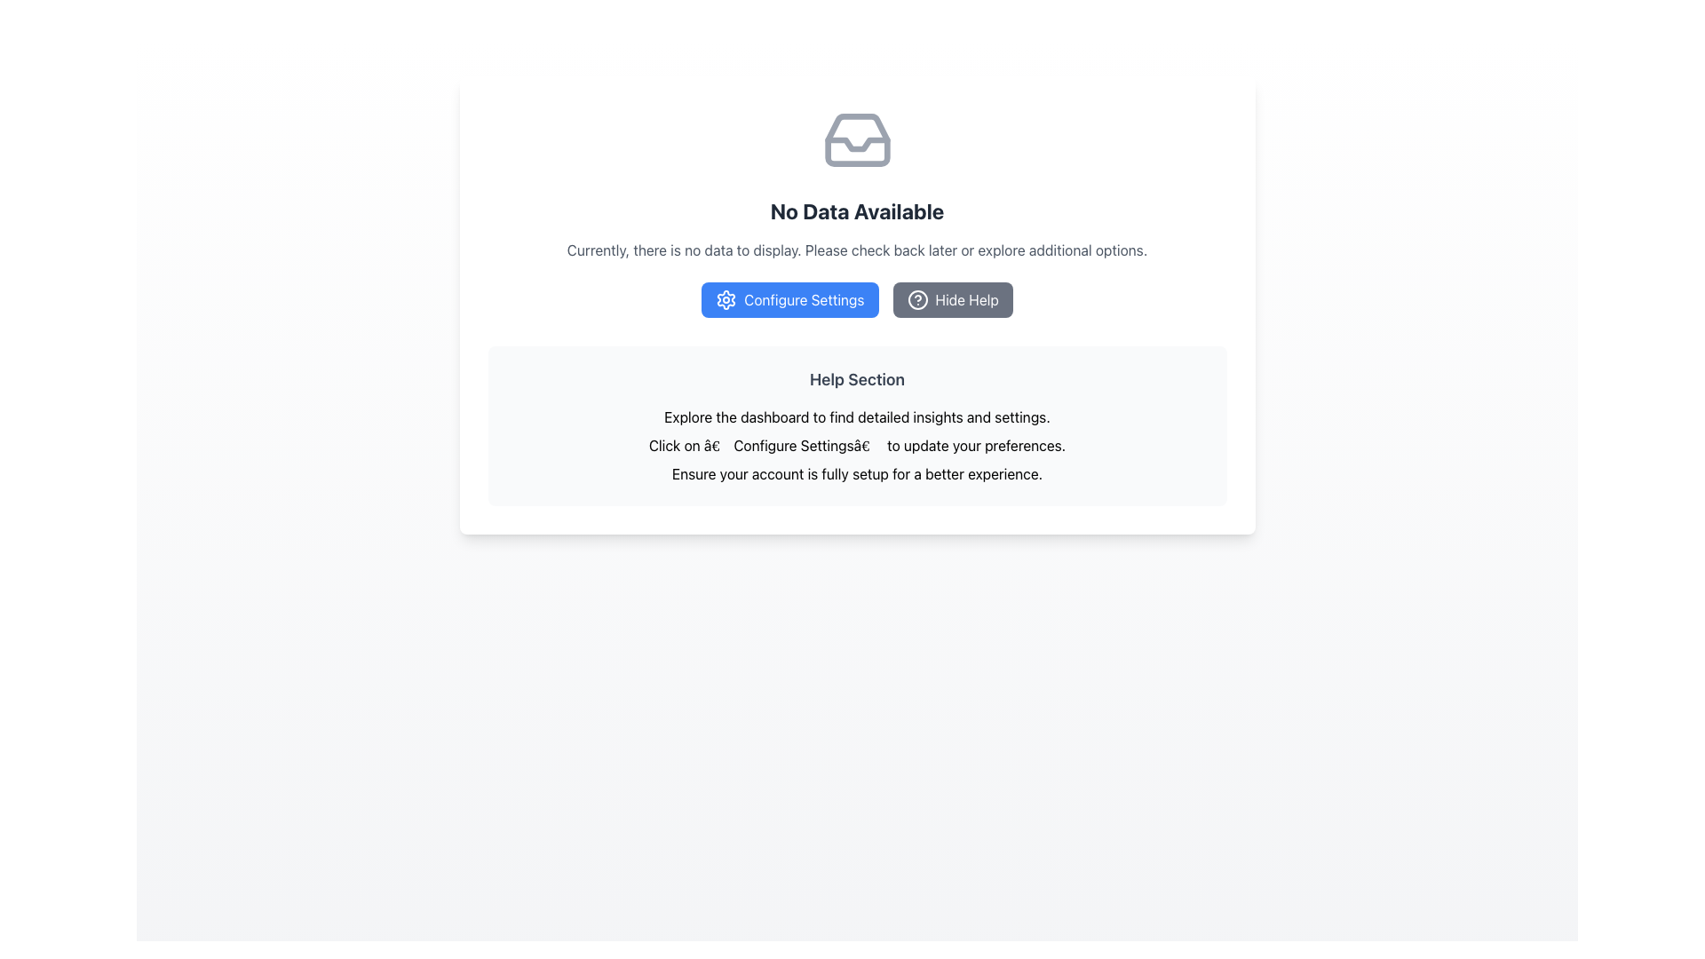 The image size is (1705, 959). Describe the element at coordinates (726, 299) in the screenshot. I see `the gear icon associated with the 'Configure Settings' button` at that location.